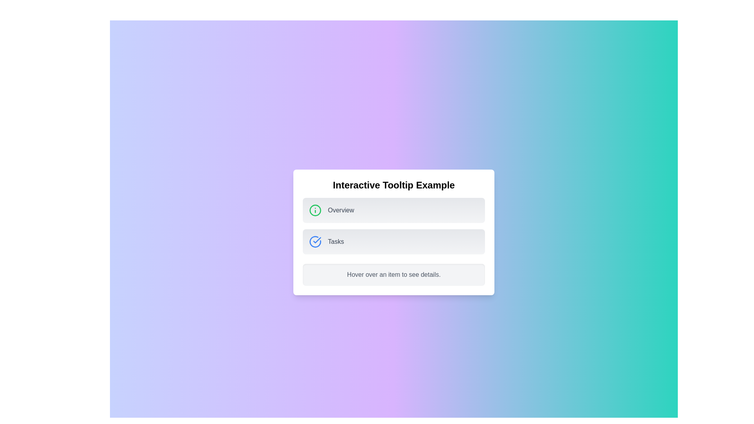 This screenshot has height=424, width=754. What do you see at coordinates (394, 241) in the screenshot?
I see `the second button in the vertical list below the 'Overview' element` at bounding box center [394, 241].